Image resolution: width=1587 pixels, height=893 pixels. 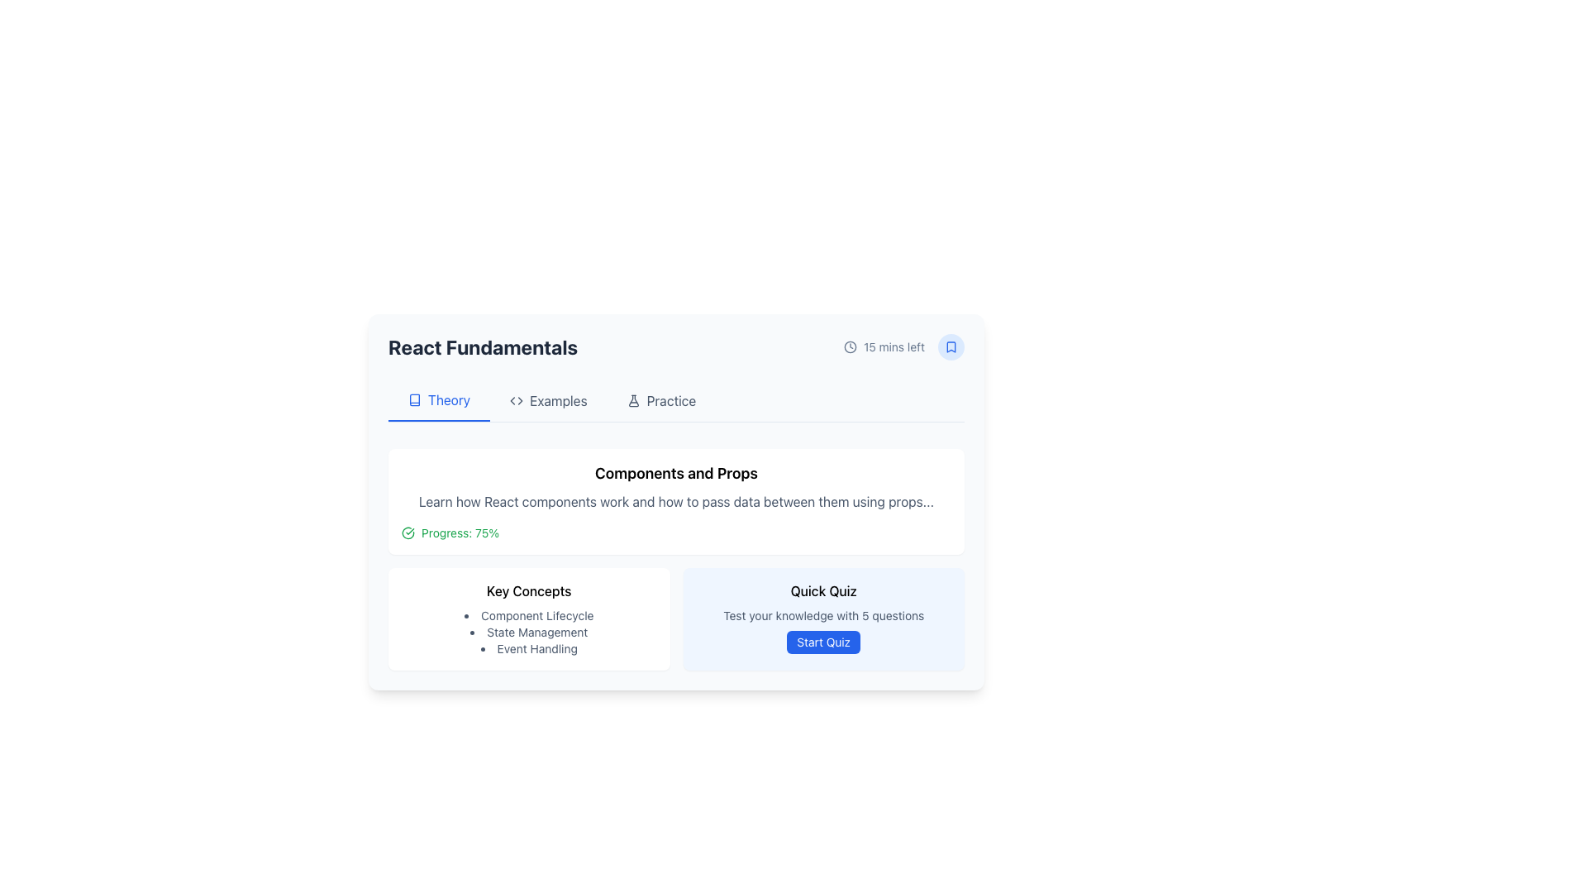 What do you see at coordinates (632, 401) in the screenshot?
I see `the SVG vector icon of a conical flask located at the top-right corner of the interface for additional options` at bounding box center [632, 401].